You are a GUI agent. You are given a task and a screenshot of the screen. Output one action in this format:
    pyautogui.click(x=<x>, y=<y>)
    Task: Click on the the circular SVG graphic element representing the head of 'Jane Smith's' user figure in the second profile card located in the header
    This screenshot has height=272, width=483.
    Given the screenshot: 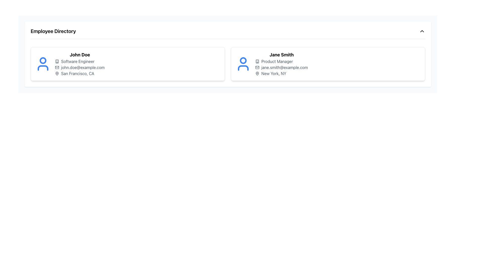 What is the action you would take?
    pyautogui.click(x=243, y=60)
    